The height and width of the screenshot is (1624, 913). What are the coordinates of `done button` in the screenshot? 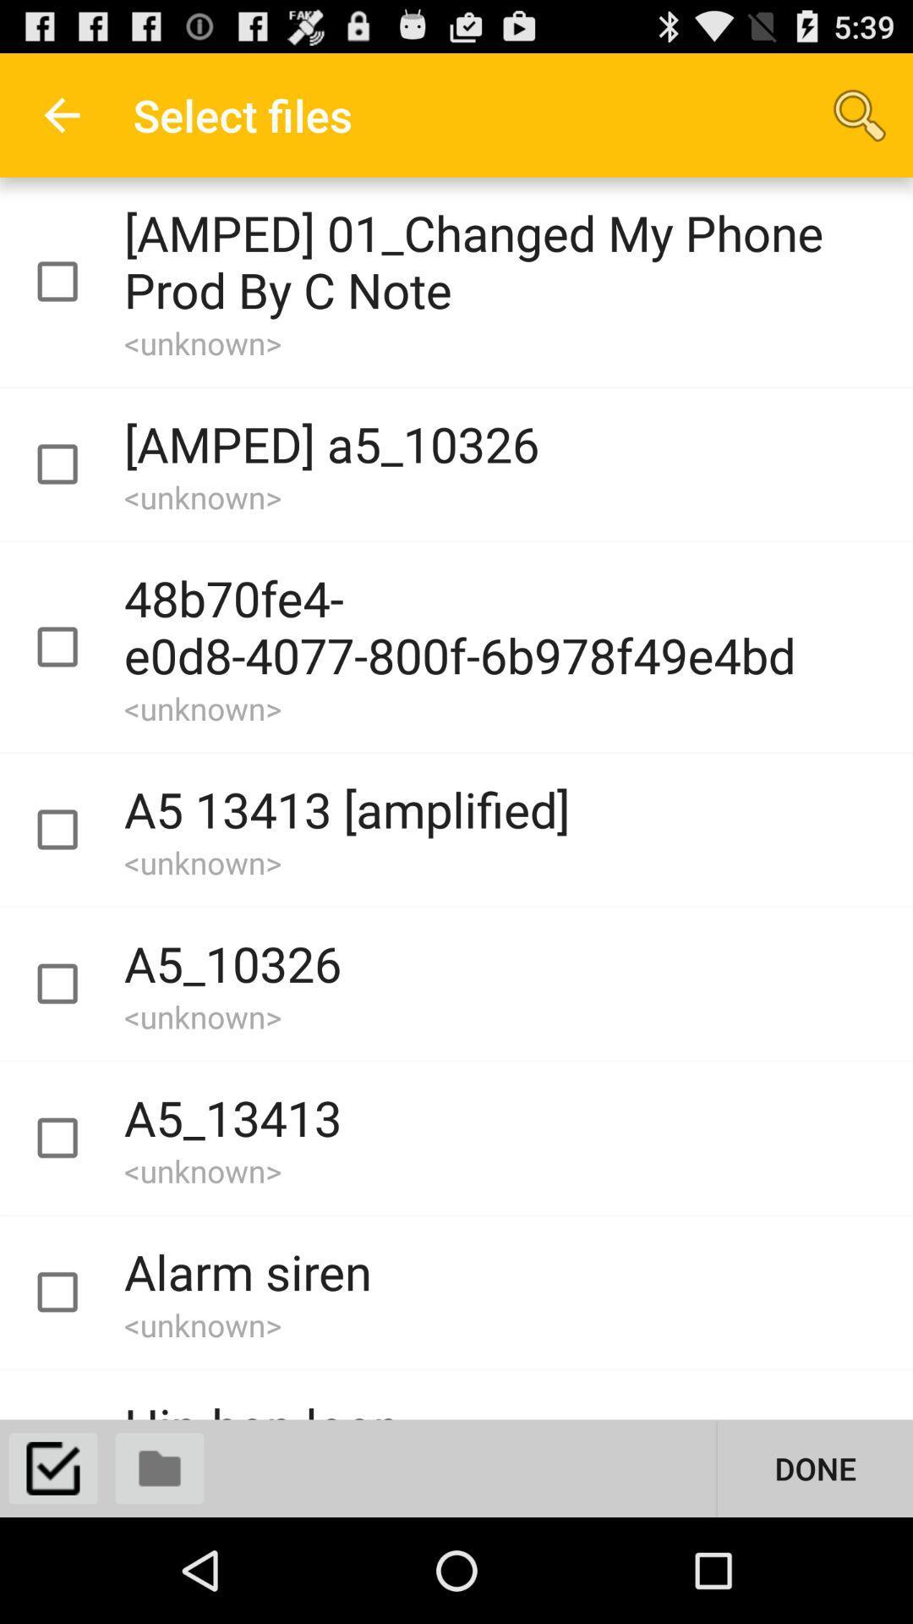 It's located at (814, 1468).